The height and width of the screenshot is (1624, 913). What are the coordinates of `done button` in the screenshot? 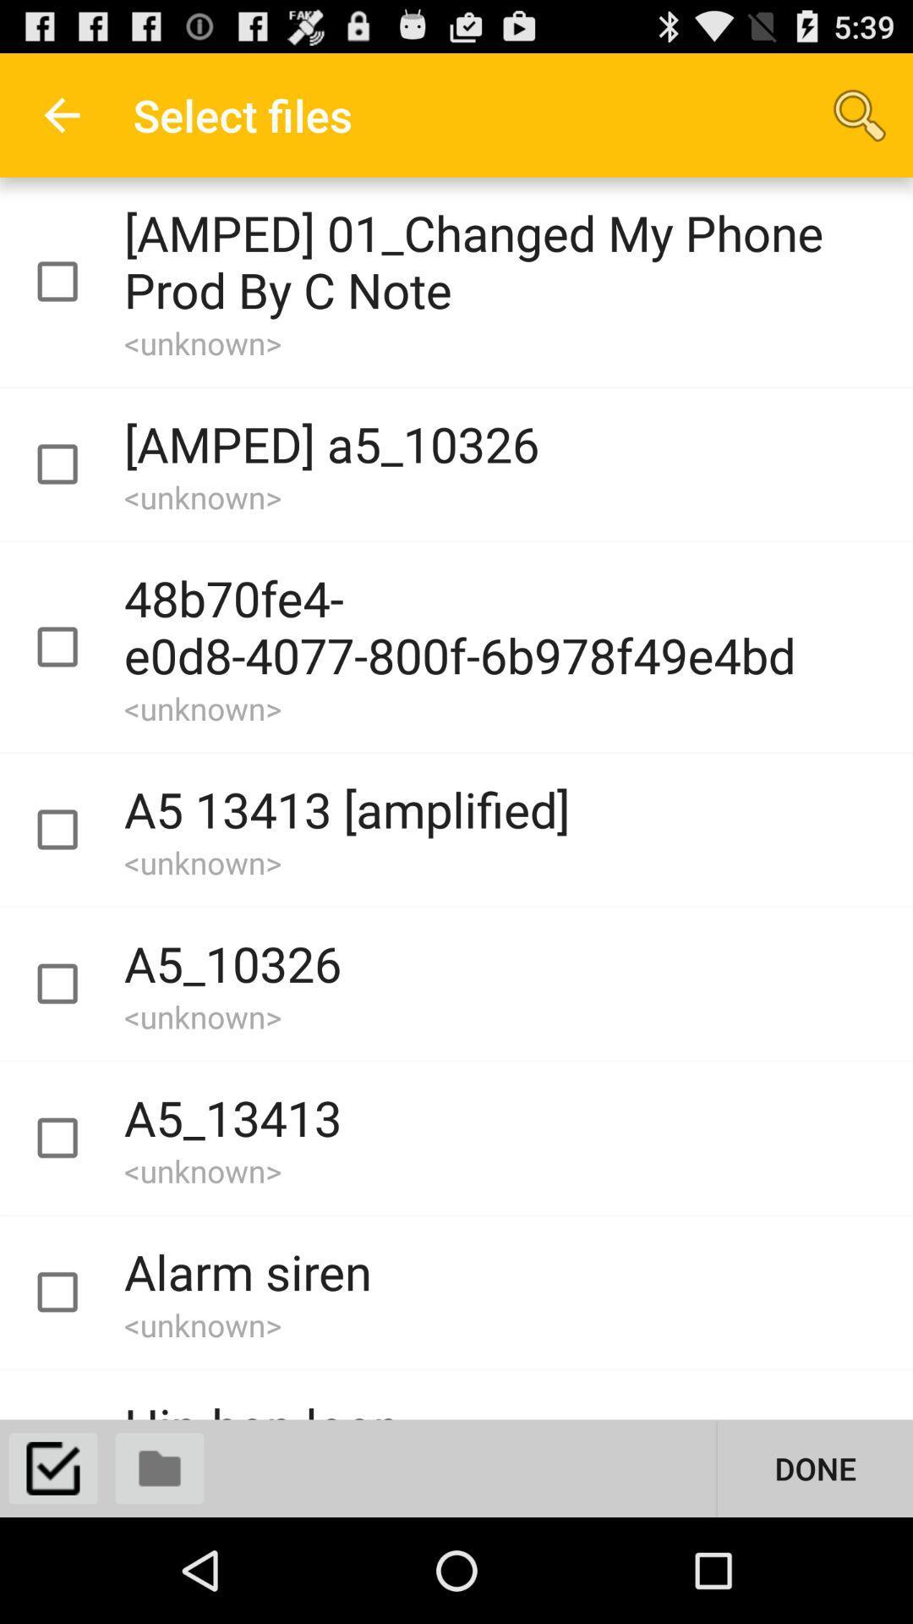 It's located at (814, 1468).